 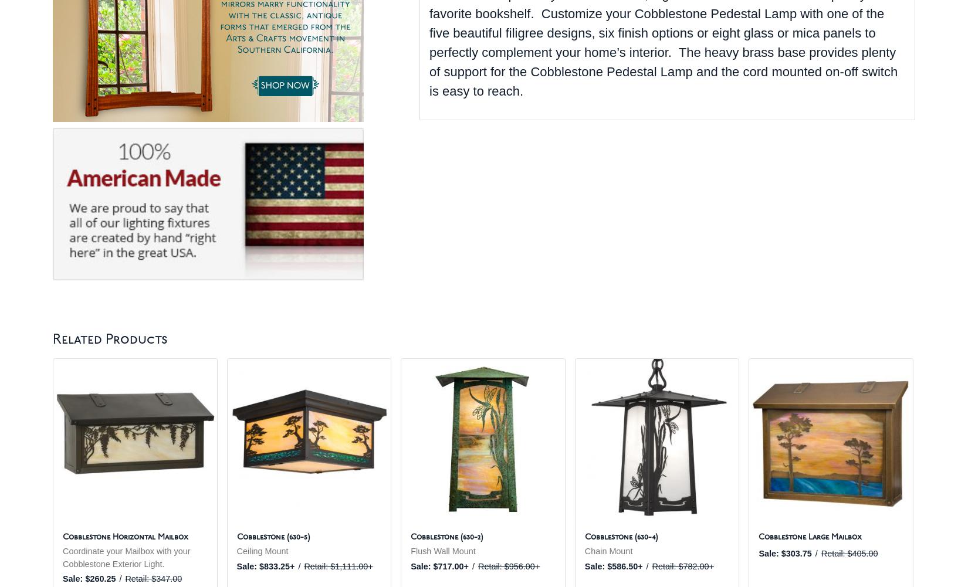 What do you see at coordinates (620, 537) in the screenshot?
I see `'Cobblestone (630-4)'` at bounding box center [620, 537].